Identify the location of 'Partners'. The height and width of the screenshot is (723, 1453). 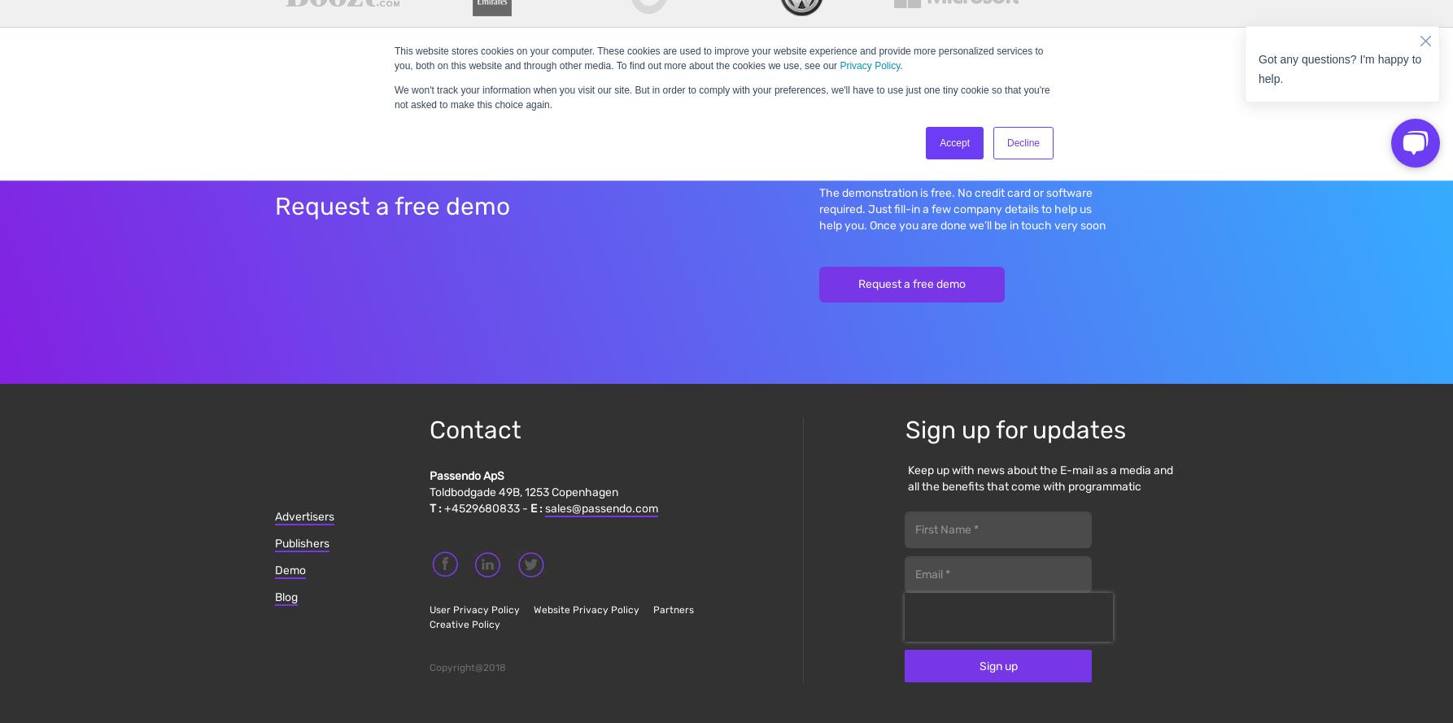
(672, 608).